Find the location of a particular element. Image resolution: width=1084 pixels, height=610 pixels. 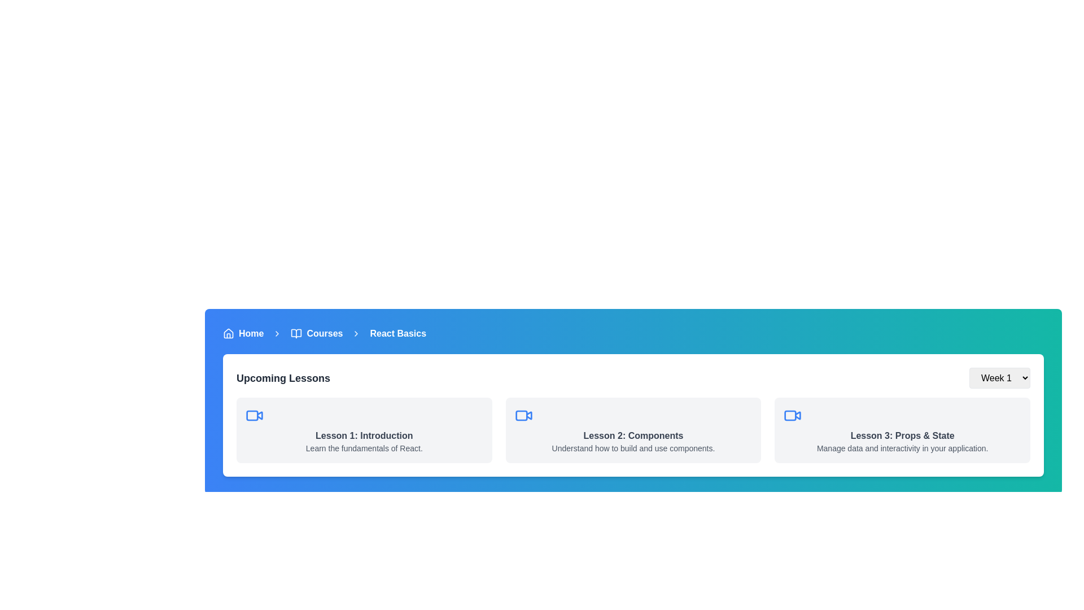

the home icon located at the leftmost part of the breadcrumb navigation bar, which visually represents the home page is located at coordinates (228, 333).